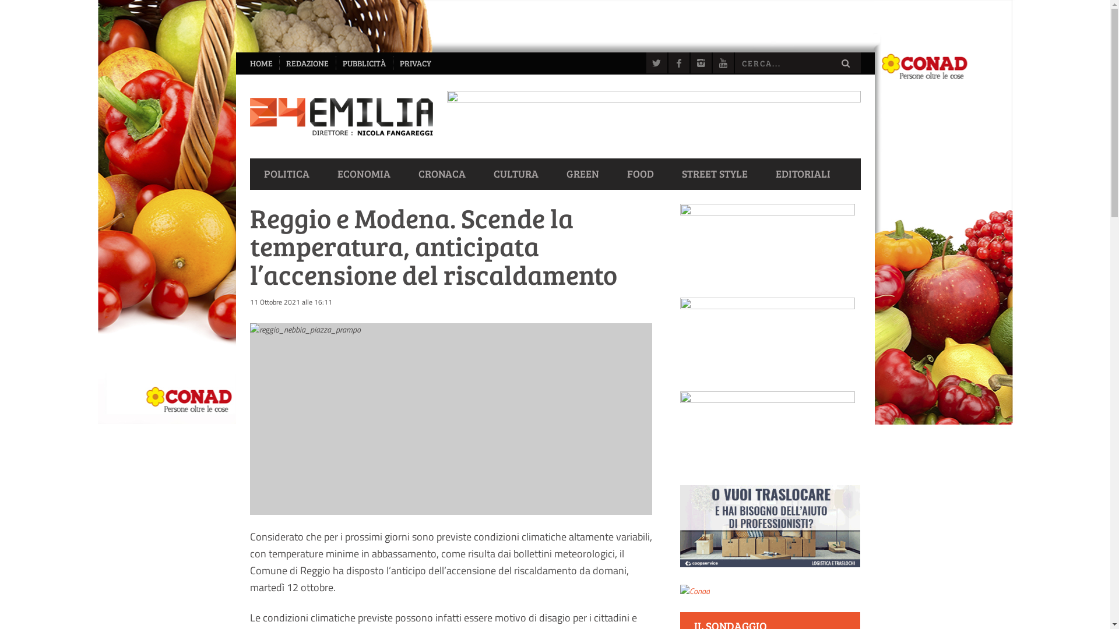 The image size is (1119, 629). Describe the element at coordinates (802, 174) in the screenshot. I see `'EDITORIALI'` at that location.